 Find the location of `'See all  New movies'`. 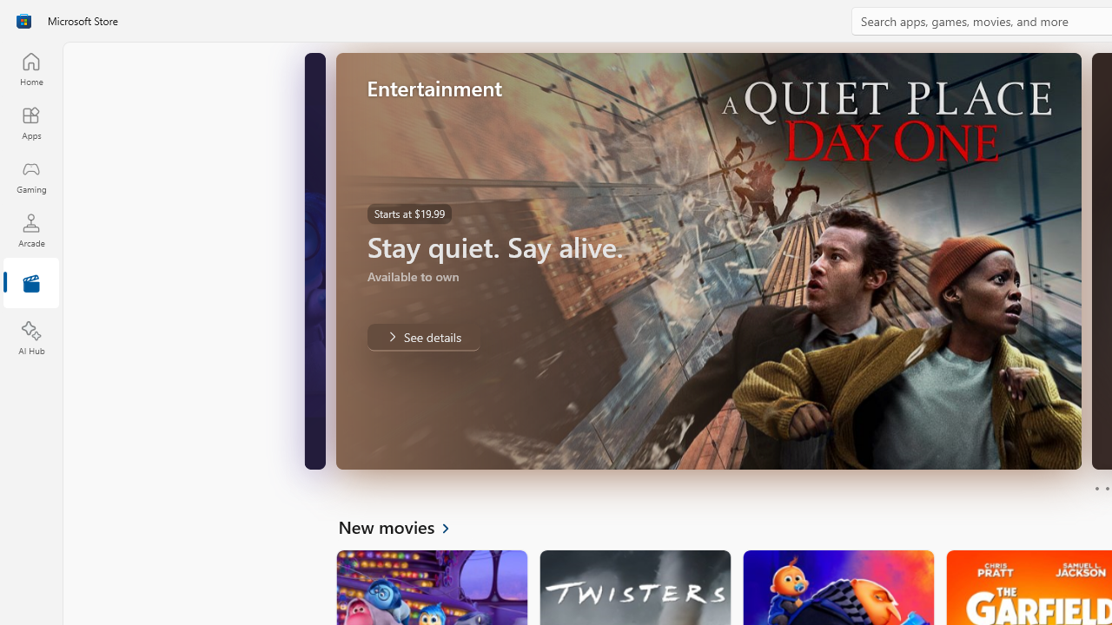

'See all  New movies' is located at coordinates (403, 525).